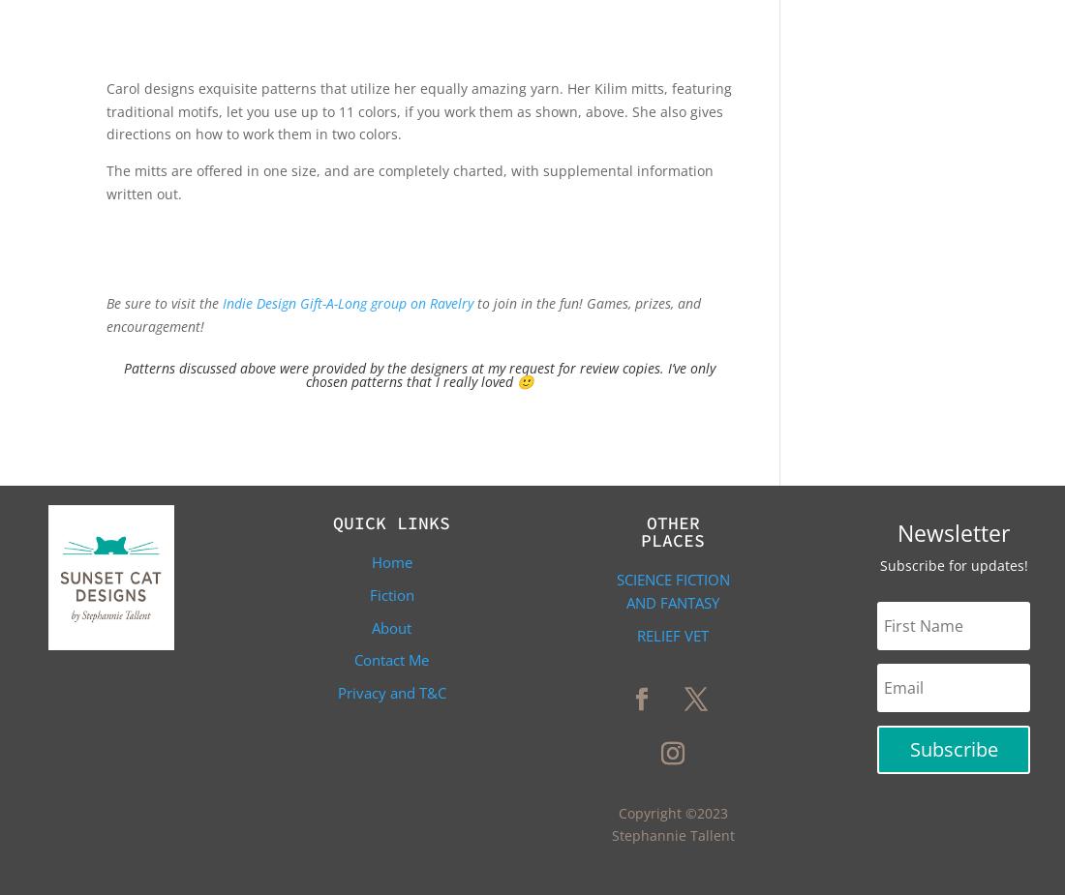  Describe the element at coordinates (106, 313) in the screenshot. I see `'to join in the fun! Games, prizes, and encouragement!'` at that location.